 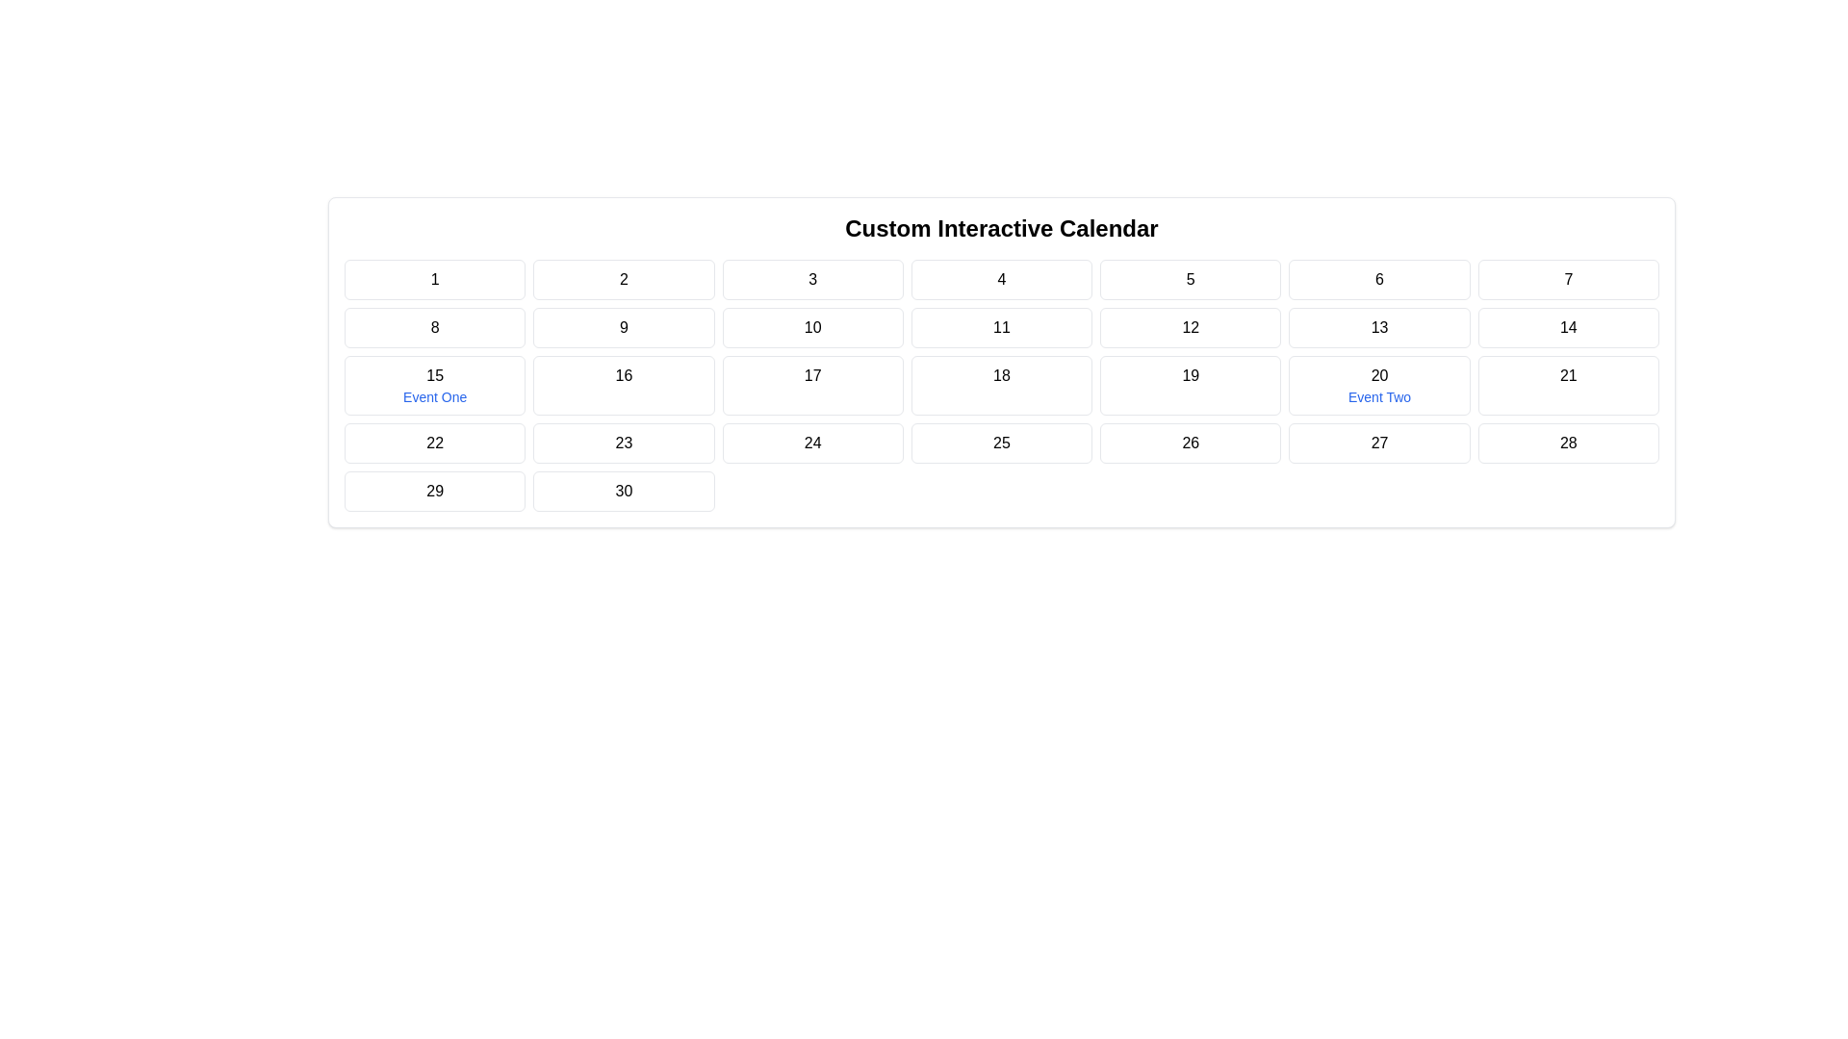 I want to click on the button-like element with the text '19' centered within it, so click(x=1190, y=386).